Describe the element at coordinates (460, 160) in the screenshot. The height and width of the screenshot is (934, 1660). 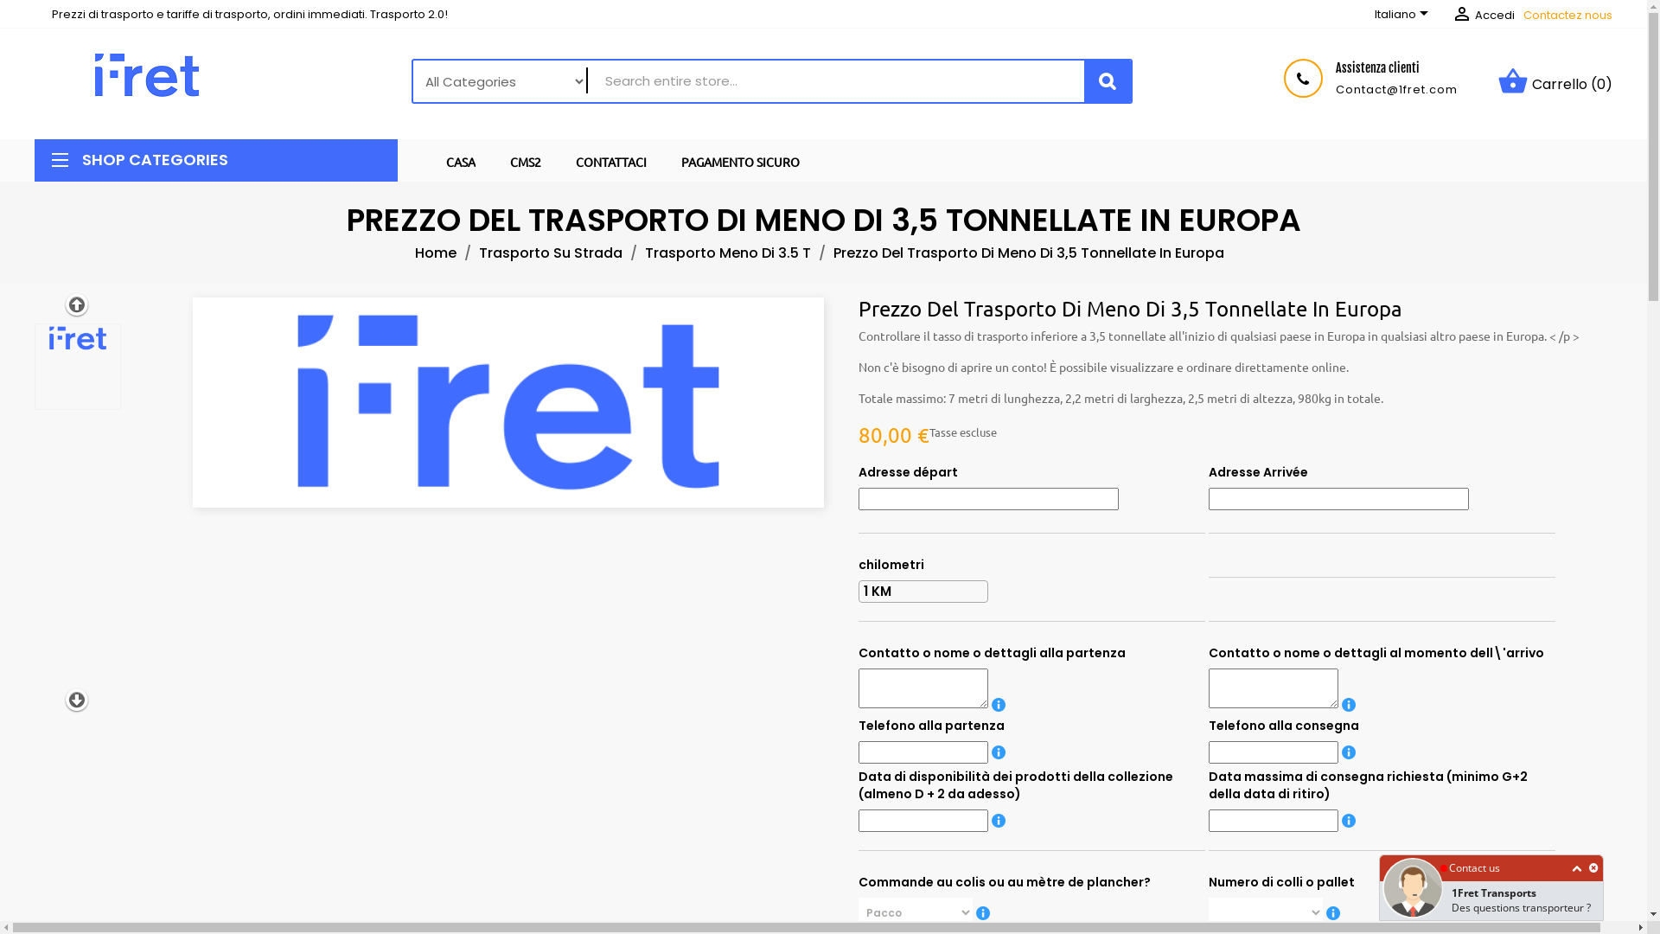
I see `'CASA'` at that location.